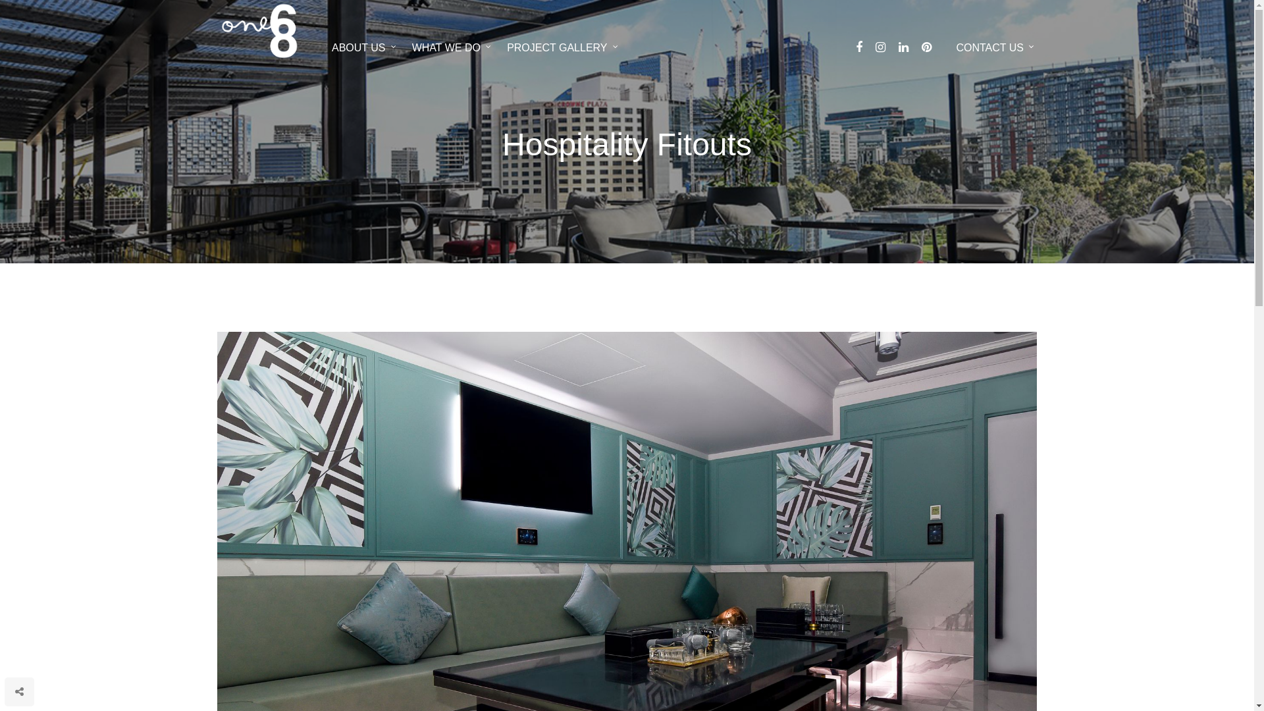  Describe the element at coordinates (363, 45) in the screenshot. I see `'ABOUT US'` at that location.